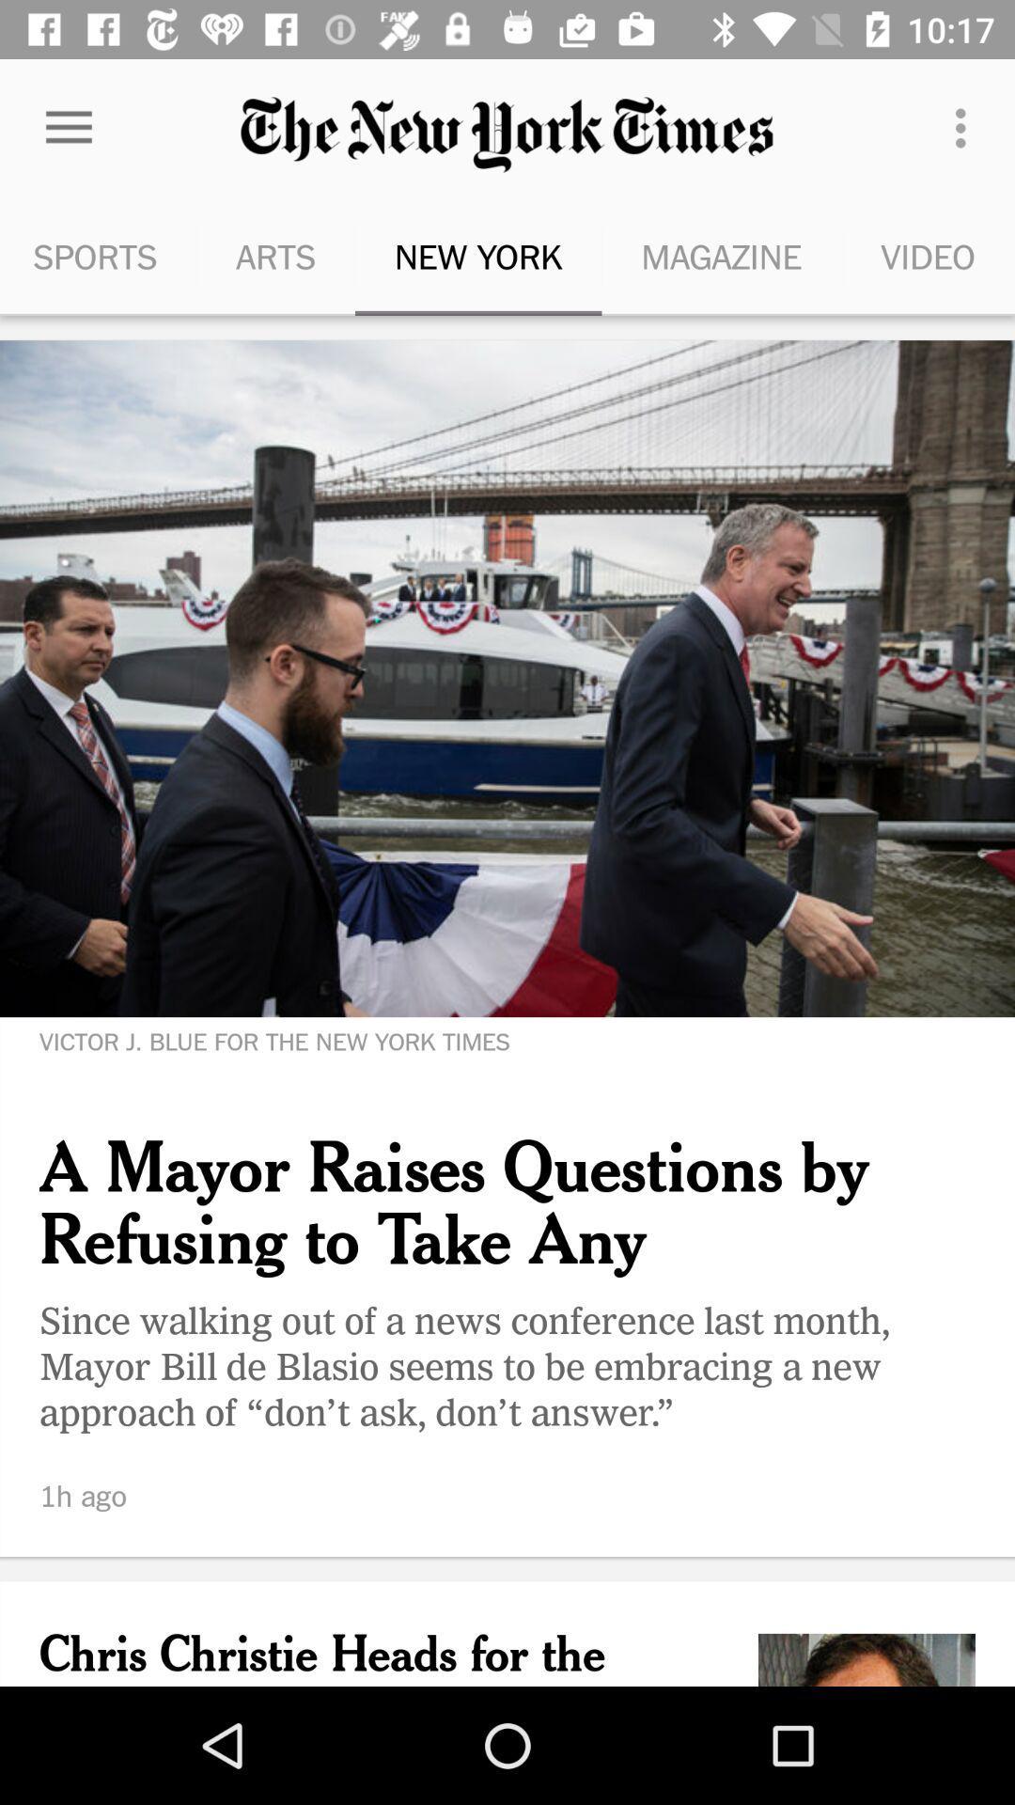 This screenshot has width=1015, height=1805. Describe the element at coordinates (68, 127) in the screenshot. I see `the item next to the arts` at that location.